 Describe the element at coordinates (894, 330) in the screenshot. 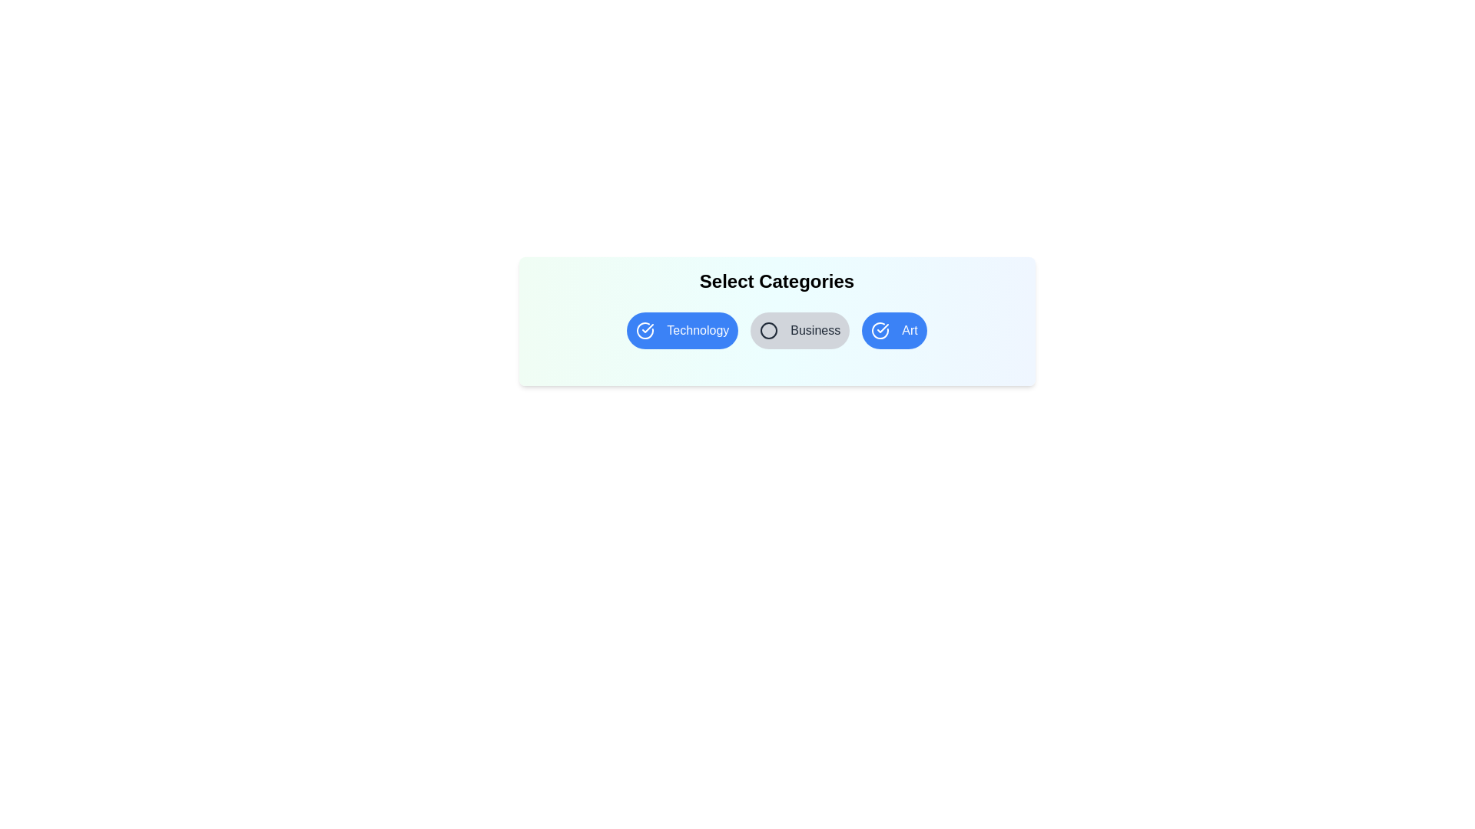

I see `the tag labeled Art to observe its hover effect` at that location.